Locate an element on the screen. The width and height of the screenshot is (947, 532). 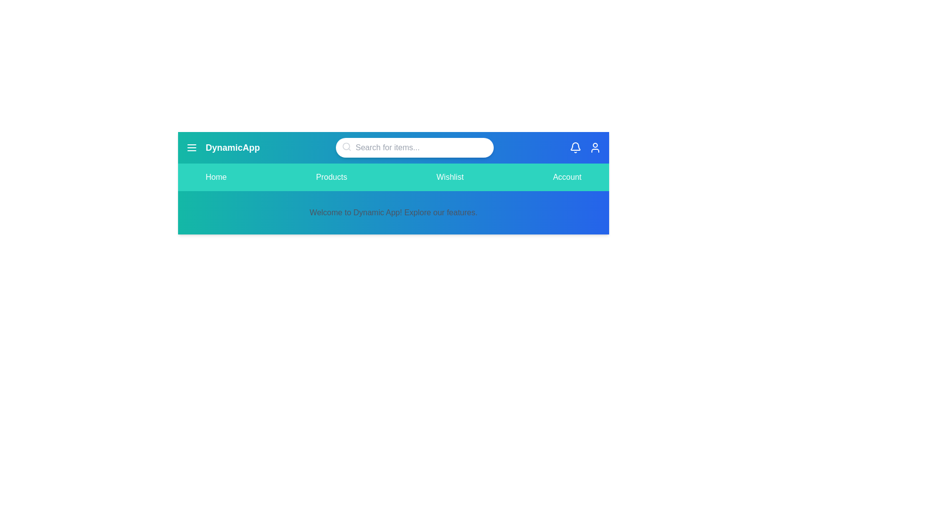
the Home tab is located at coordinates (215, 176).